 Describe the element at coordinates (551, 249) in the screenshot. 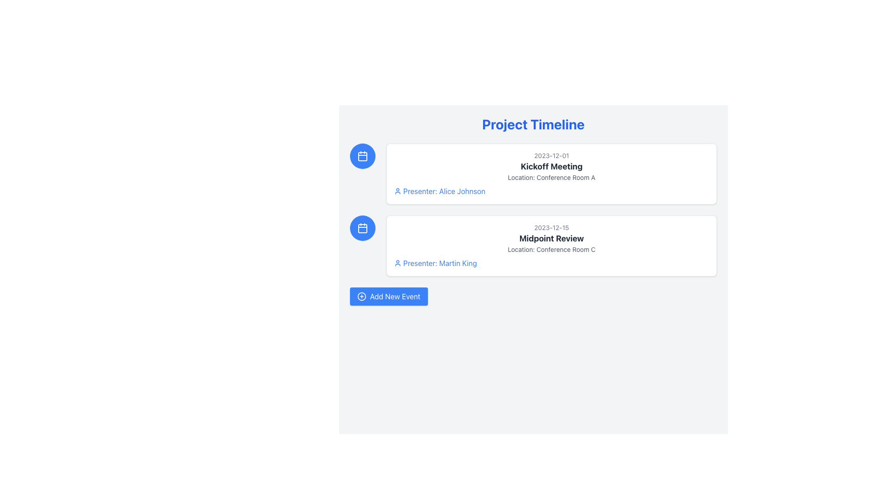

I see `the text label that provides location information for the '2023-12-15 Midpoint Review' event, positioned between 'Midpoint Review' and 'Presenter: Martin King'` at that location.